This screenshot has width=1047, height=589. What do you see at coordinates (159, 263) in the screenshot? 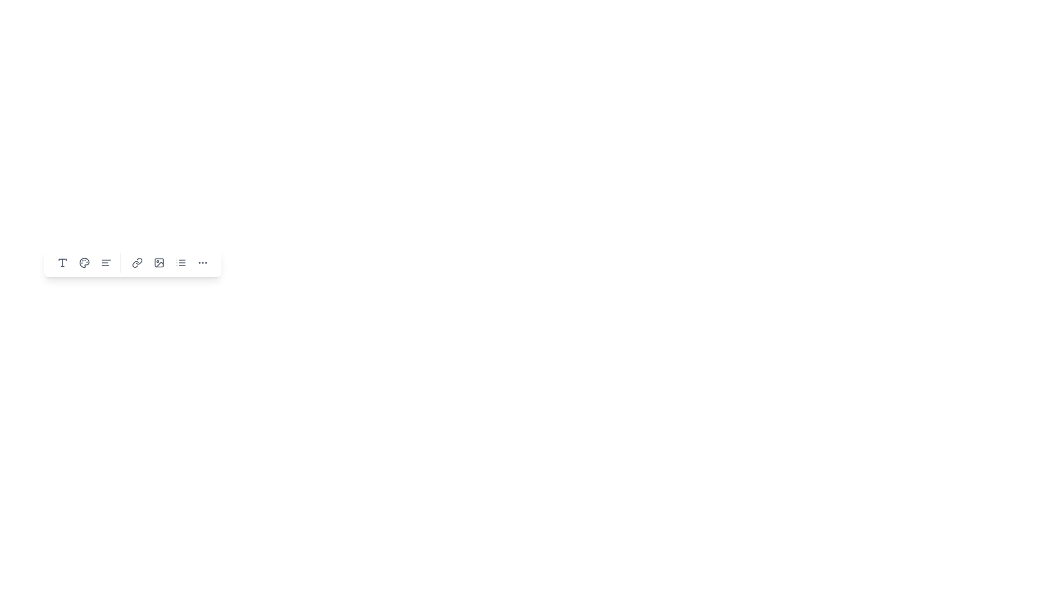
I see `the compact interactive button with an icon, which is the third button in a horizontal sequence` at bounding box center [159, 263].